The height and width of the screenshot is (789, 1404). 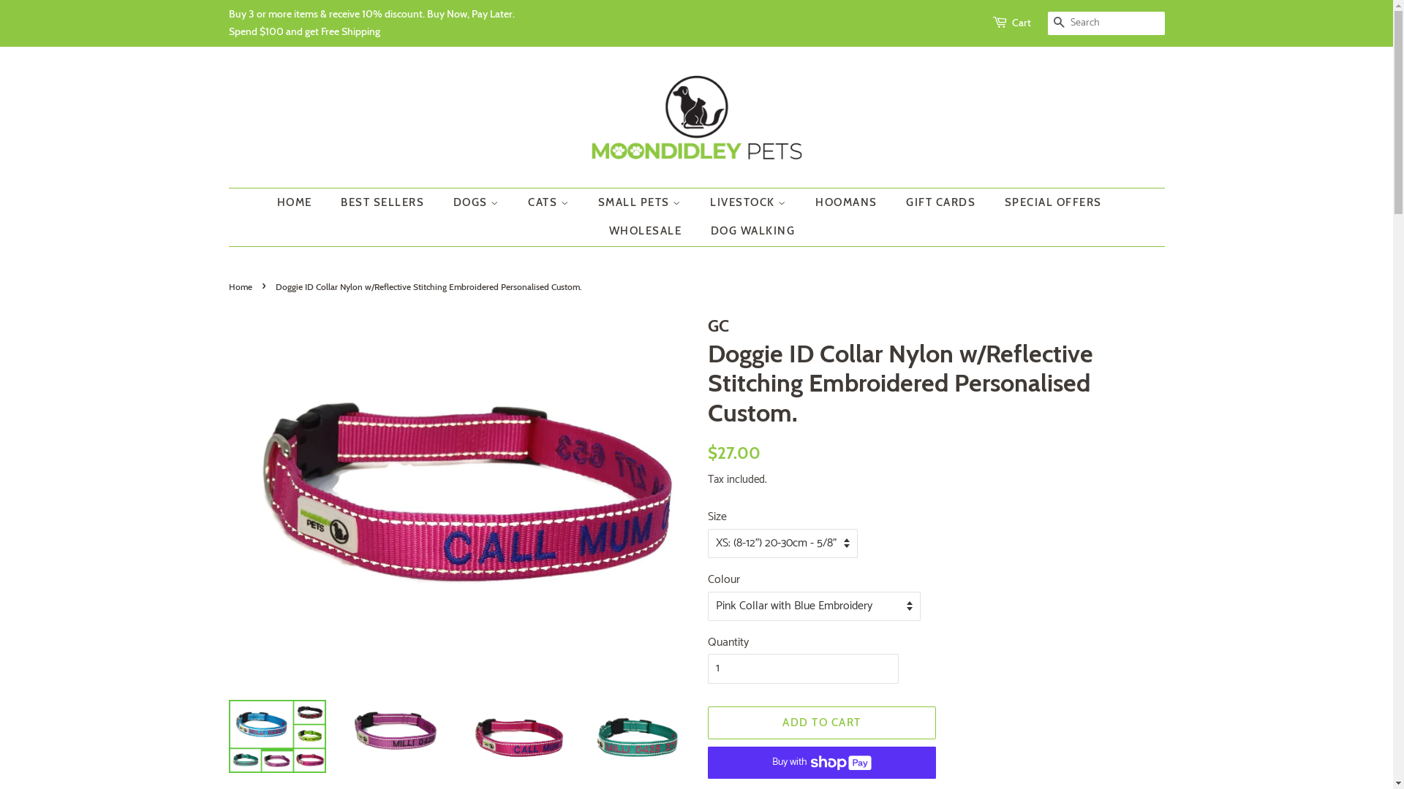 I want to click on 'DOGS', so click(x=477, y=202).